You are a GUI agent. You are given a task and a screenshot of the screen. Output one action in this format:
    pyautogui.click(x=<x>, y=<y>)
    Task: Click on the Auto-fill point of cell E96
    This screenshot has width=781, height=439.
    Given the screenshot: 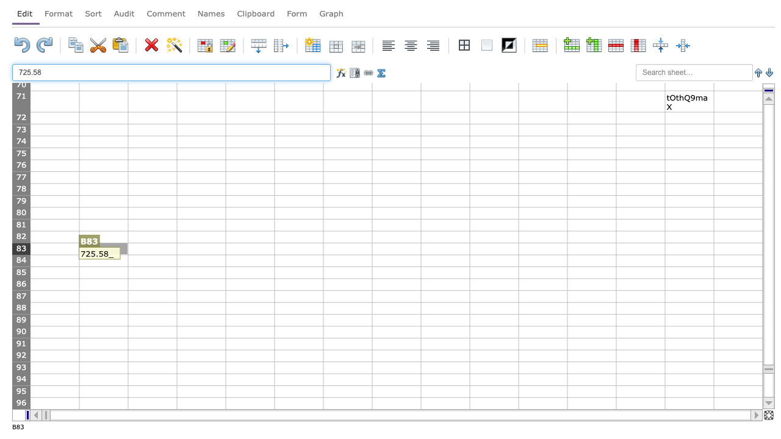 What is the action you would take?
    pyautogui.click(x=274, y=409)
    